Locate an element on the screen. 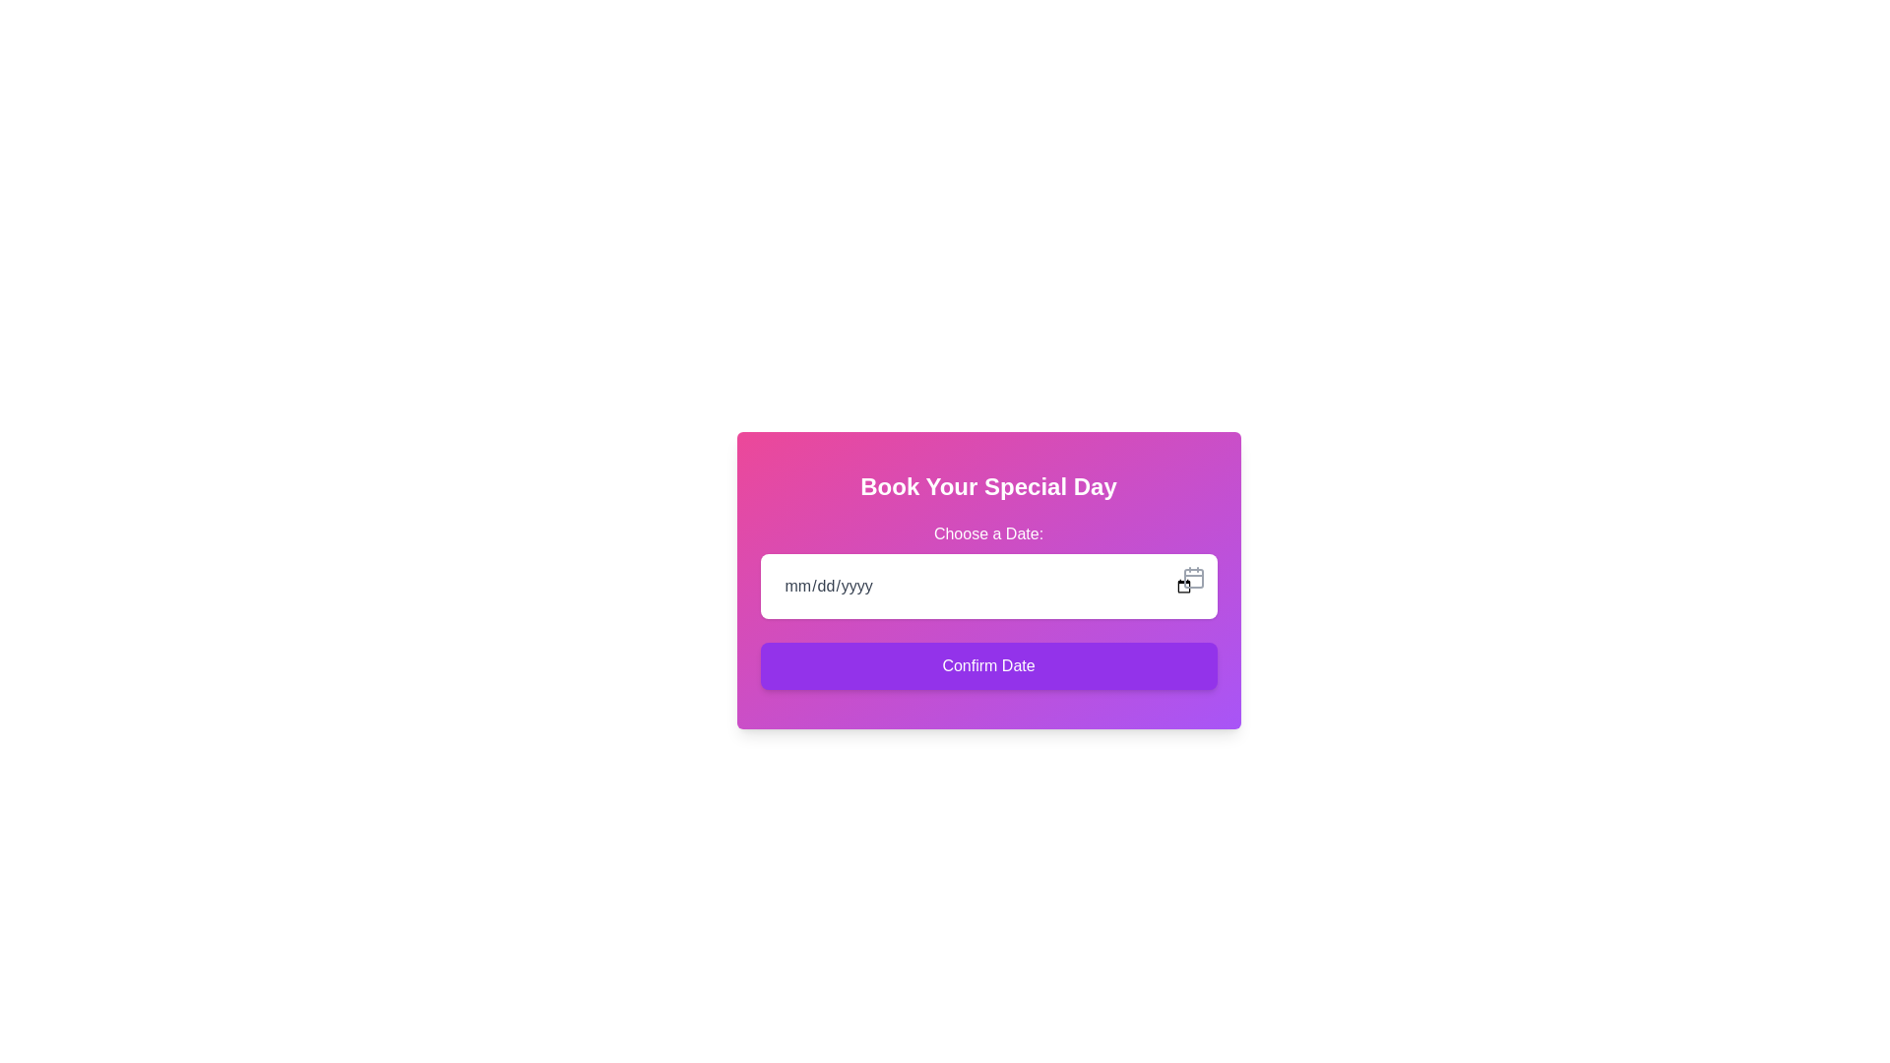 The image size is (1890, 1063). the calendar icon, which is a minimalistic gray SVG graphic located at the top-right corner inside a date input field is located at coordinates (1192, 576).